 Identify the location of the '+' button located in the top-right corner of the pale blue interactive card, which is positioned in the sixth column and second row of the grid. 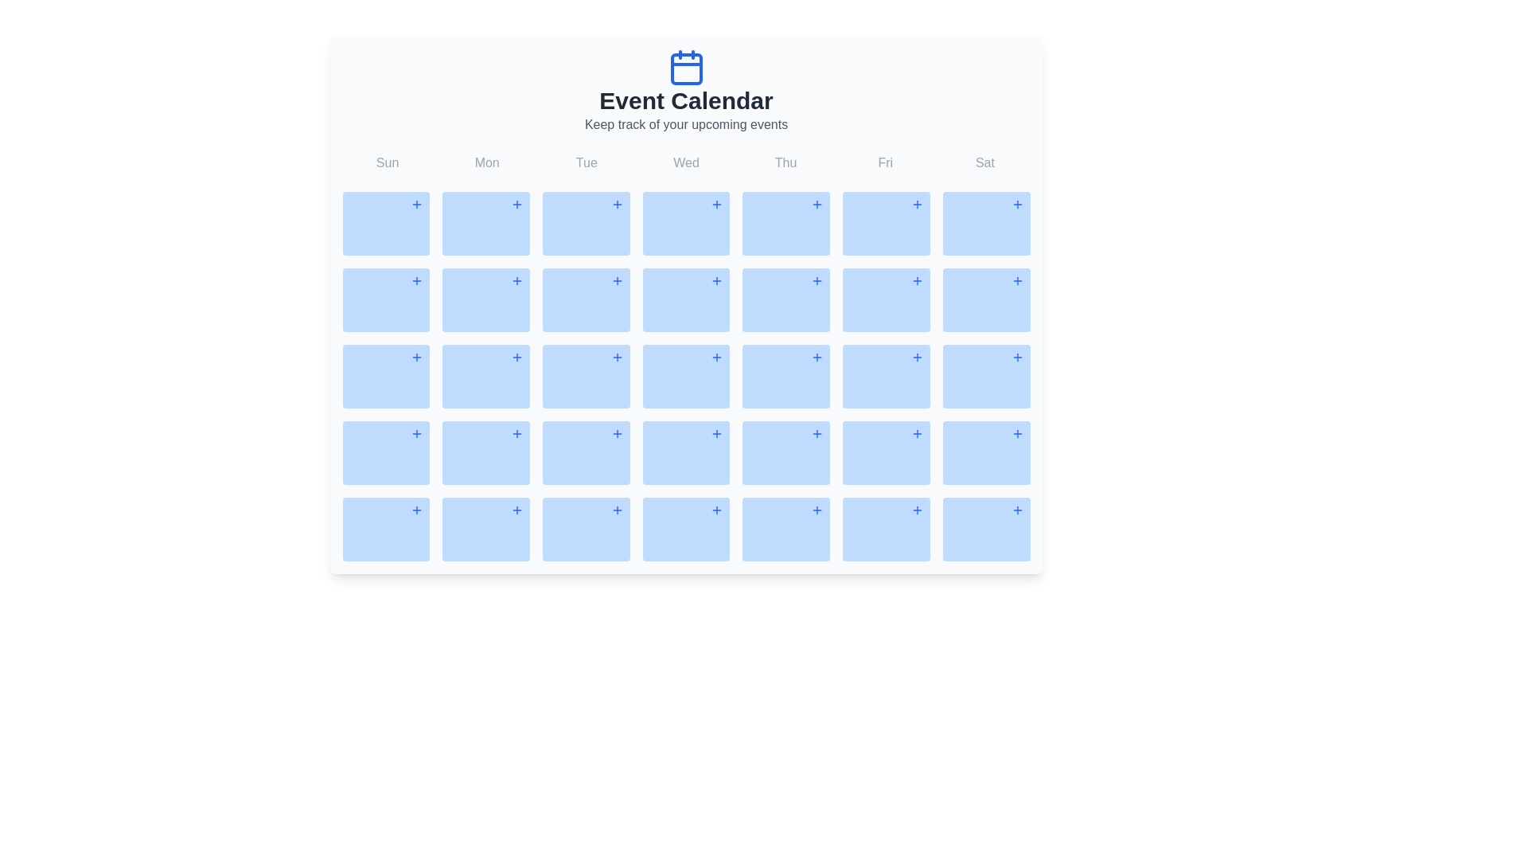
(885, 300).